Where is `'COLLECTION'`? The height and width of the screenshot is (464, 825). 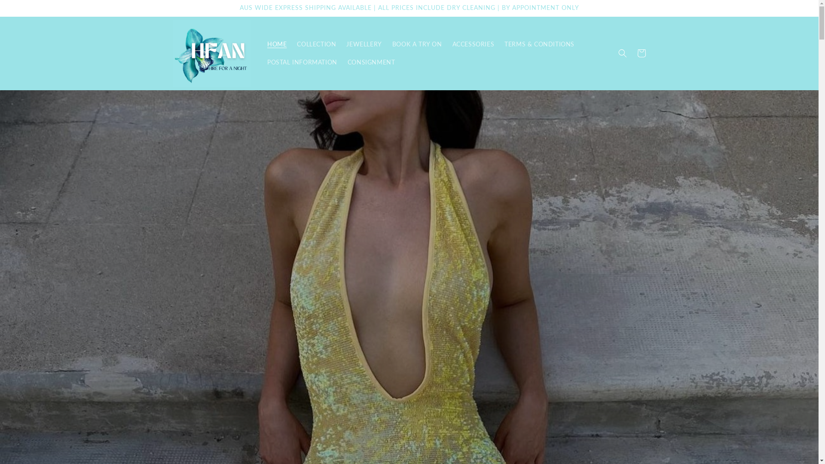
'COLLECTION' is located at coordinates (316, 44).